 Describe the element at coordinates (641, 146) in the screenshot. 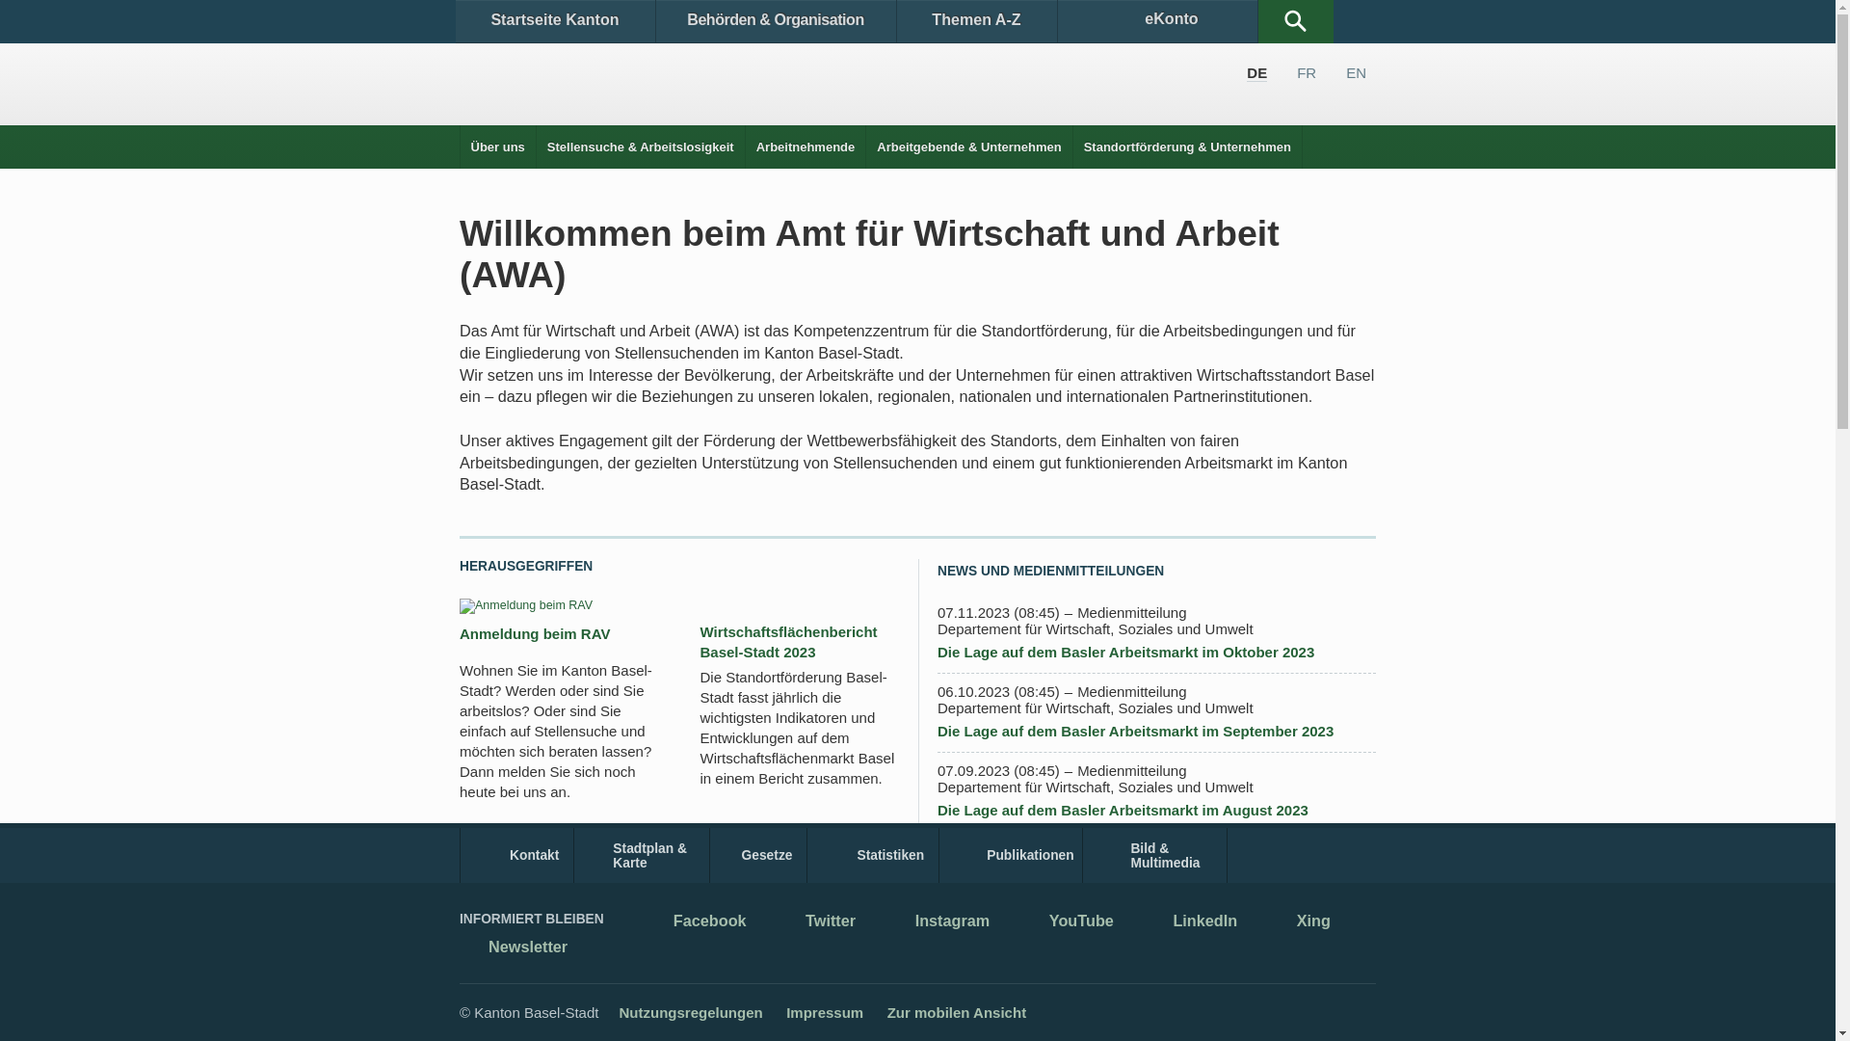

I see `'Stellensuche & Arbeitslosigkeit'` at that location.